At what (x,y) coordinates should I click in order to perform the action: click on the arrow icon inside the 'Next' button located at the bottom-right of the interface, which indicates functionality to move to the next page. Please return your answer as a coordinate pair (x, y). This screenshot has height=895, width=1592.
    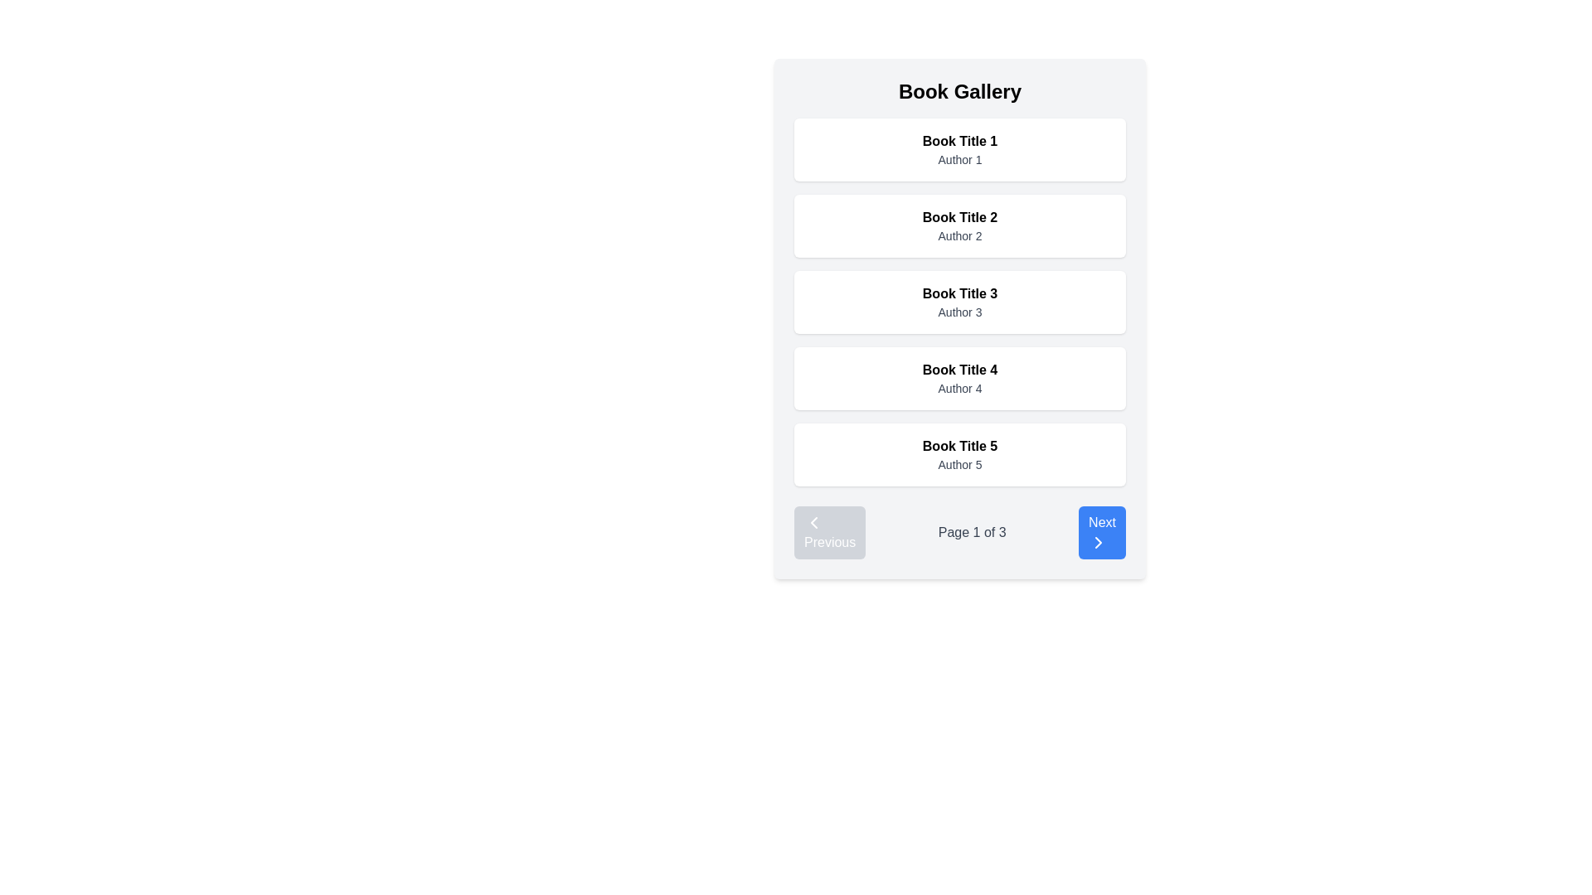
    Looking at the image, I should click on (1098, 543).